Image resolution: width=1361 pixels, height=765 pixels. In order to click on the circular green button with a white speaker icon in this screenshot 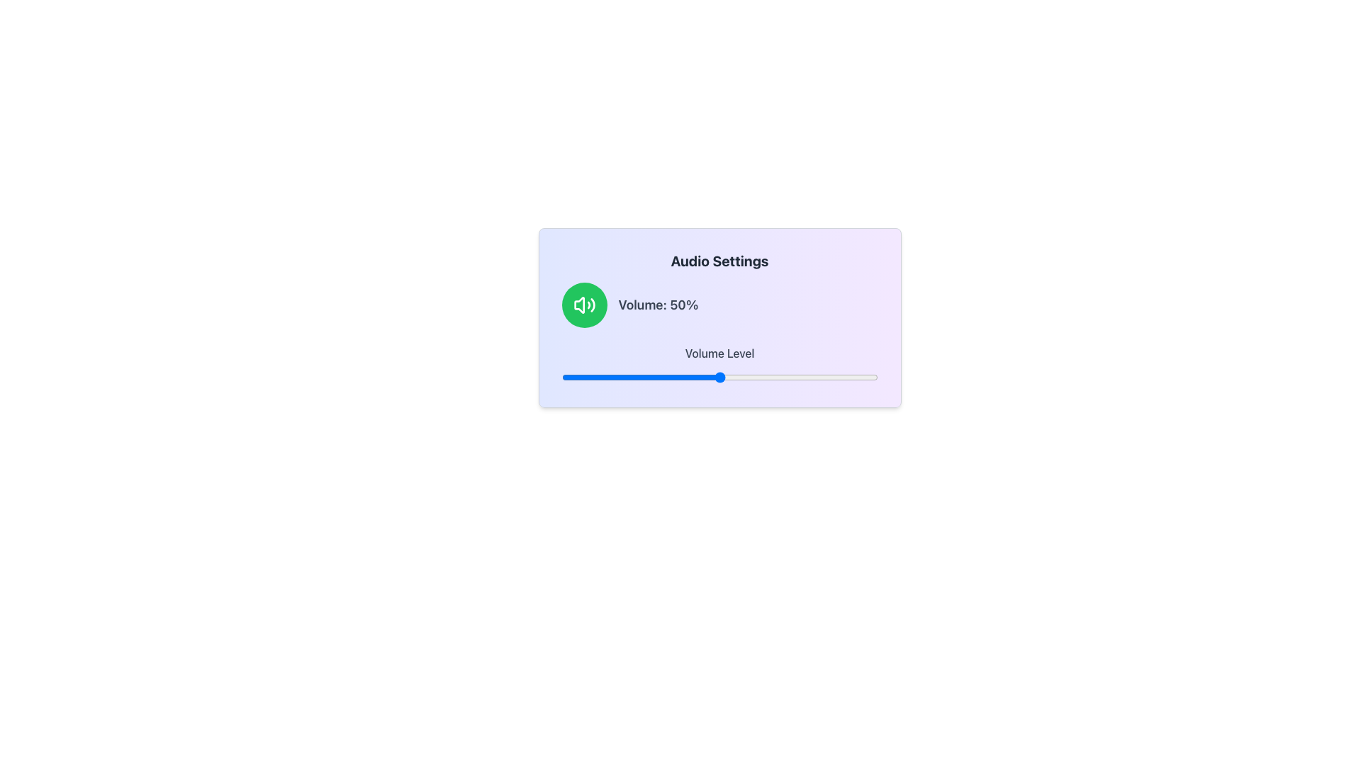, I will do `click(584, 305)`.